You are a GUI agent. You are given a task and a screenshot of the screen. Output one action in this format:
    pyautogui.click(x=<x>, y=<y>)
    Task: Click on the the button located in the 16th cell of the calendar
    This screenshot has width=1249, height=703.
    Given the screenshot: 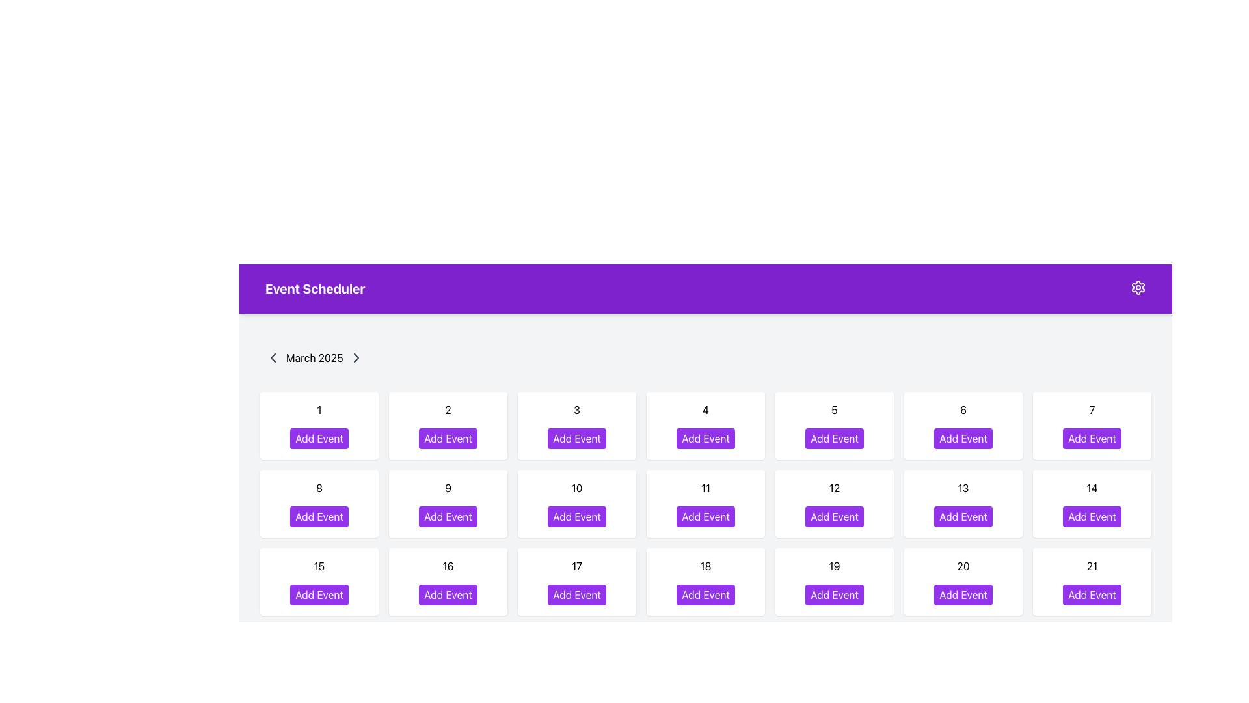 What is the action you would take?
    pyautogui.click(x=448, y=595)
    